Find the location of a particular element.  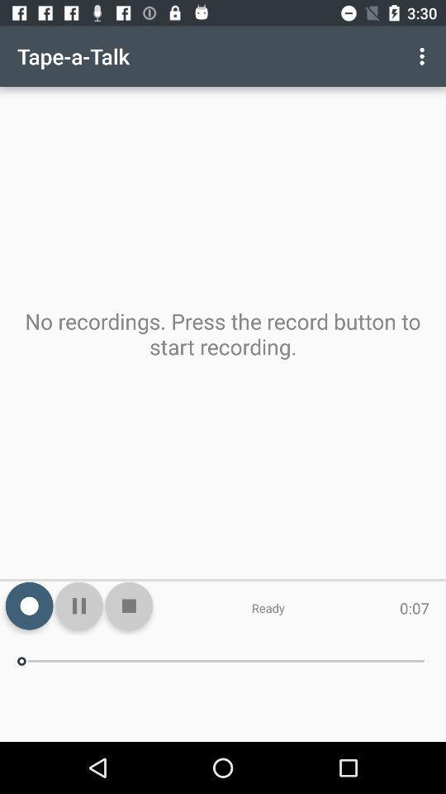

the pause icon is located at coordinates (78, 605).